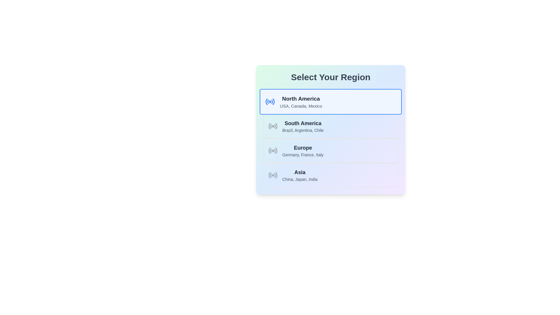  What do you see at coordinates (273, 150) in the screenshot?
I see `the state of the icon representing the 'Europe' region selection option, located to the left within the selection options` at bounding box center [273, 150].